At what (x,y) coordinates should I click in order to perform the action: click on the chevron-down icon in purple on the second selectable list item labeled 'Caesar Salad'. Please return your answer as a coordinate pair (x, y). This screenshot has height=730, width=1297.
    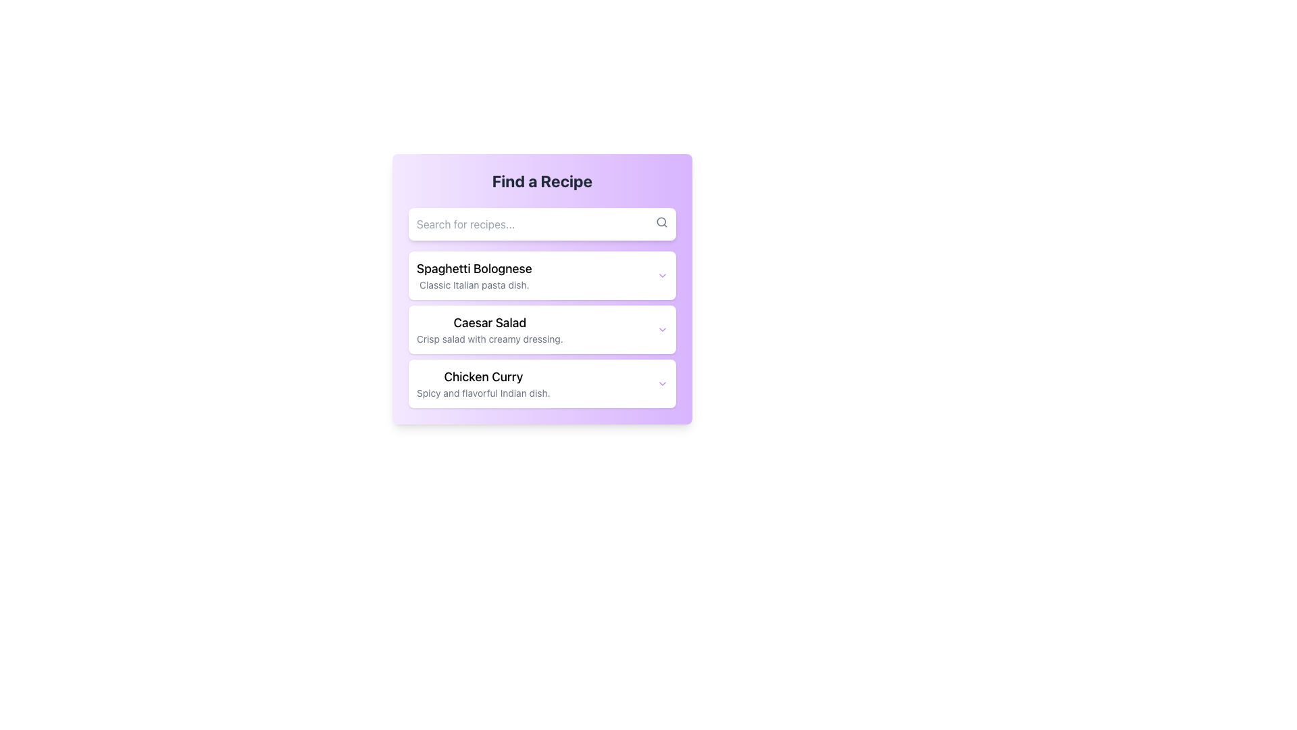
    Looking at the image, I should click on (542, 330).